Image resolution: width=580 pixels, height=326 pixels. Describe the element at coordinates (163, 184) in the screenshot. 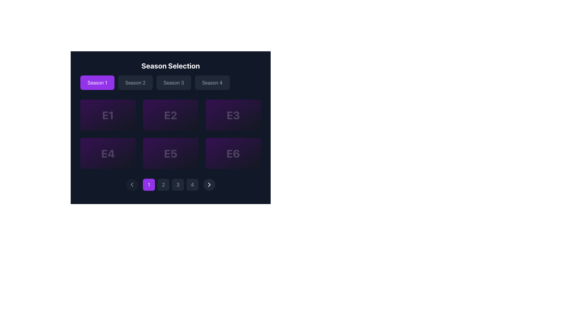

I see `the second pagination button located below the main content area, specifically under the grid of episode tiles labeled 'E1' to 'E6'` at that location.